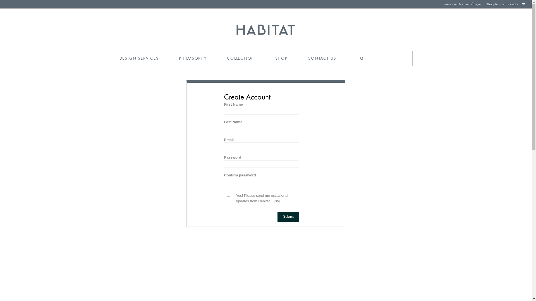 Image resolution: width=536 pixels, height=301 pixels. Describe the element at coordinates (288, 217) in the screenshot. I see `'Submit'` at that location.